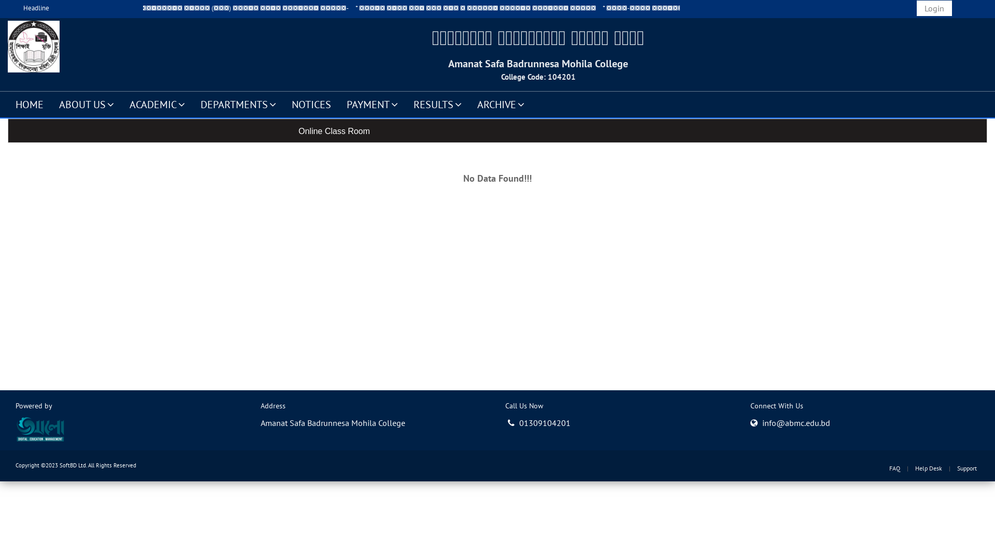 This screenshot has height=559, width=995. Describe the element at coordinates (966, 467) in the screenshot. I see `'Support'` at that location.